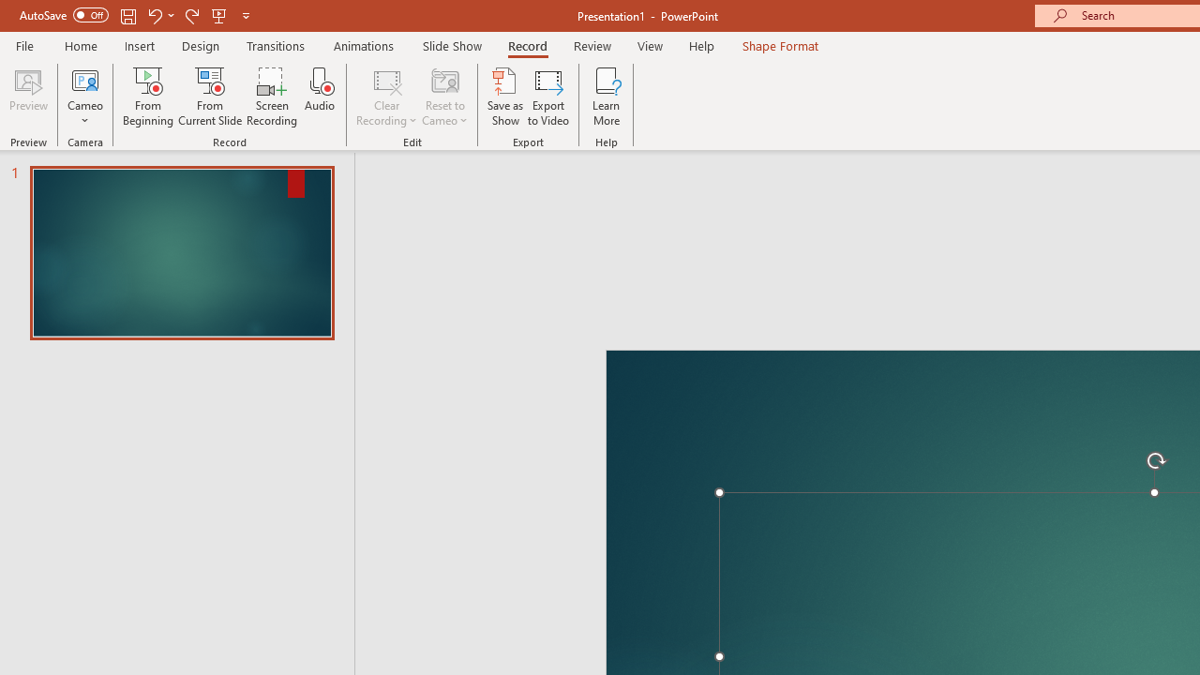  What do you see at coordinates (591, 45) in the screenshot?
I see `'Review'` at bounding box center [591, 45].